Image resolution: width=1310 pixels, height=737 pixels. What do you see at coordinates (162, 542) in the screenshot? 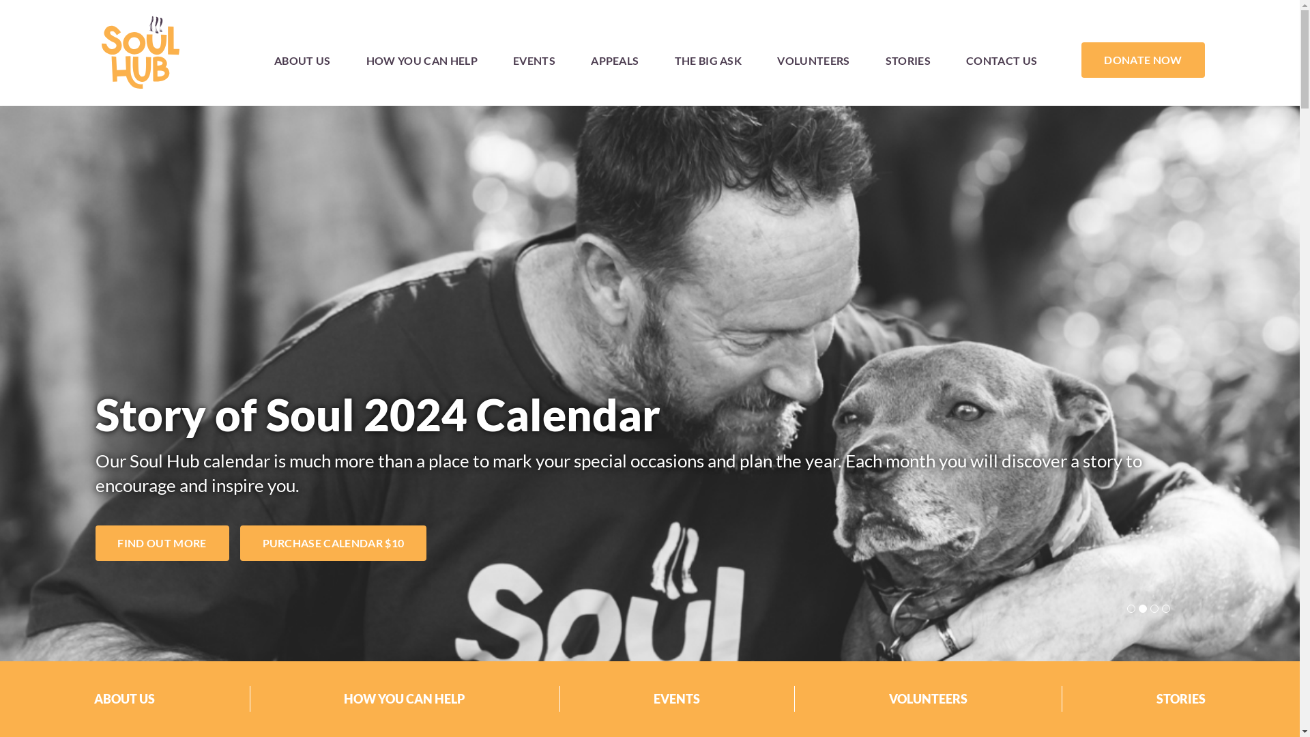
I see `'FIND OUT MORE'` at bounding box center [162, 542].